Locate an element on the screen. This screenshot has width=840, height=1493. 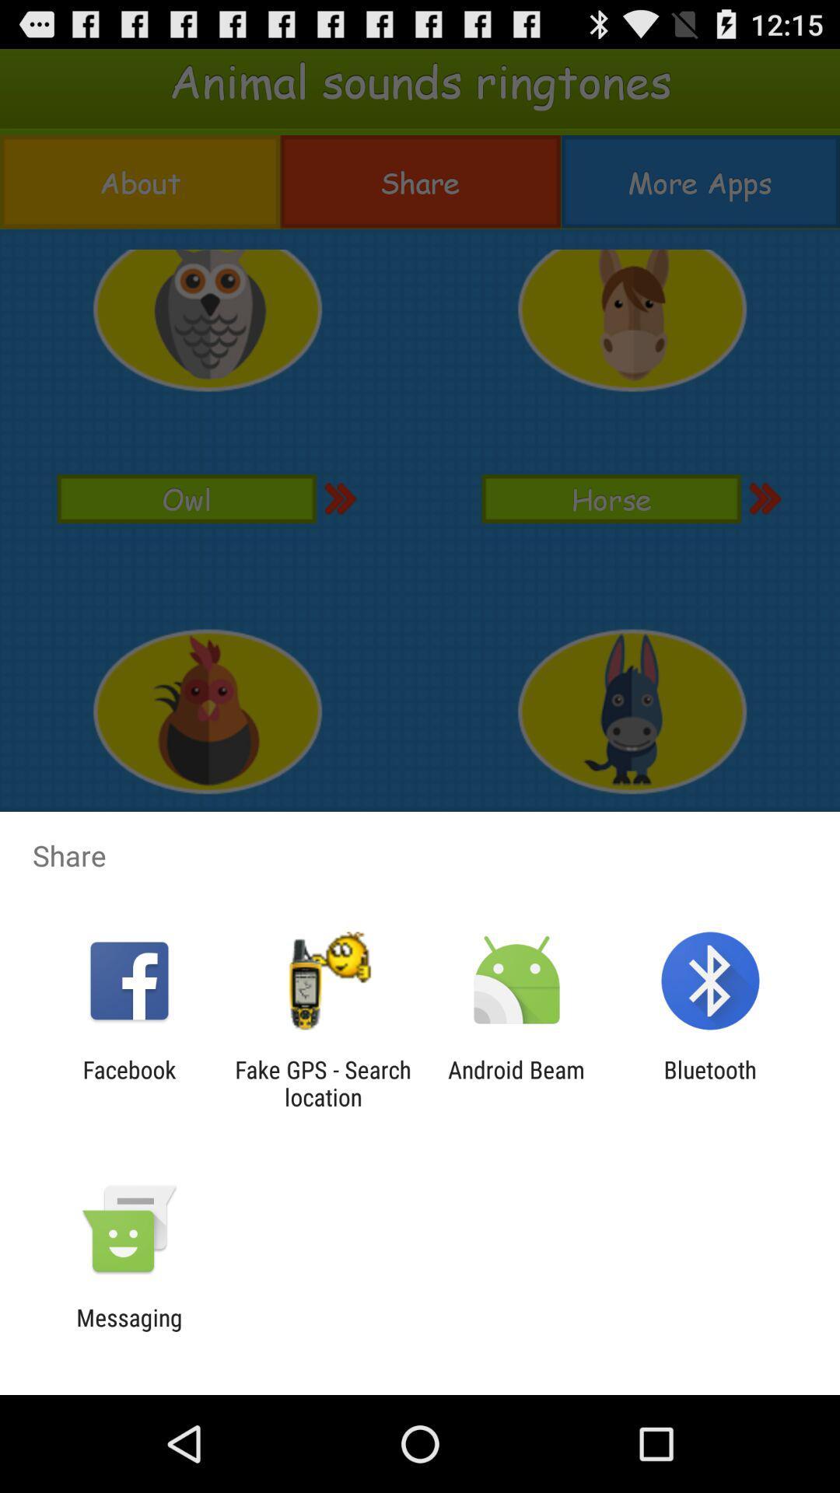
the app next to the fake gps search item is located at coordinates (516, 1082).